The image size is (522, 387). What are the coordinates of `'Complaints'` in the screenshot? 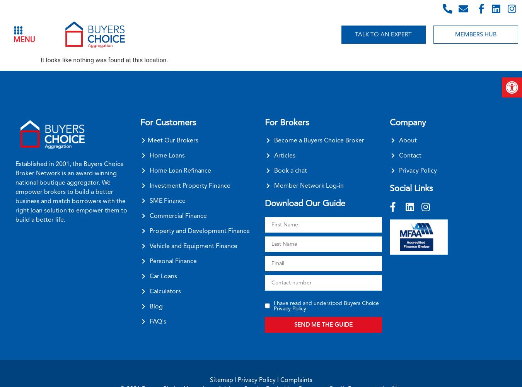 It's located at (295, 379).